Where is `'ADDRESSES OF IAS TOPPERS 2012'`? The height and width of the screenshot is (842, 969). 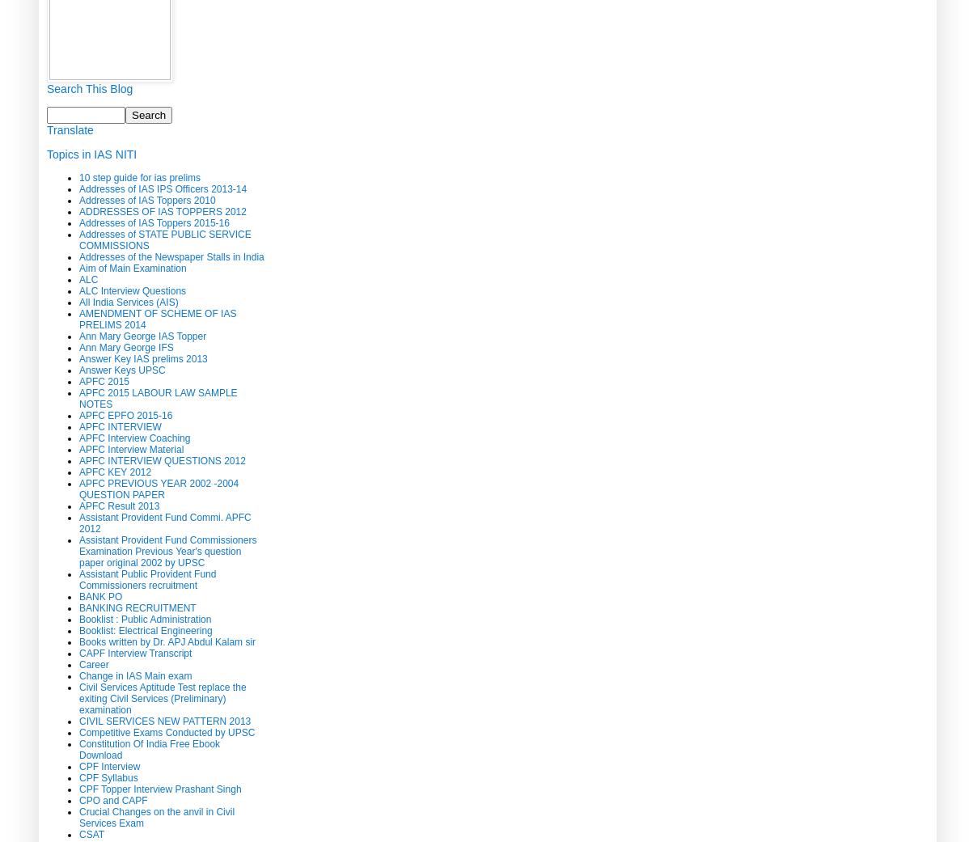
'ADDRESSES OF IAS TOPPERS 2012' is located at coordinates (163, 209).